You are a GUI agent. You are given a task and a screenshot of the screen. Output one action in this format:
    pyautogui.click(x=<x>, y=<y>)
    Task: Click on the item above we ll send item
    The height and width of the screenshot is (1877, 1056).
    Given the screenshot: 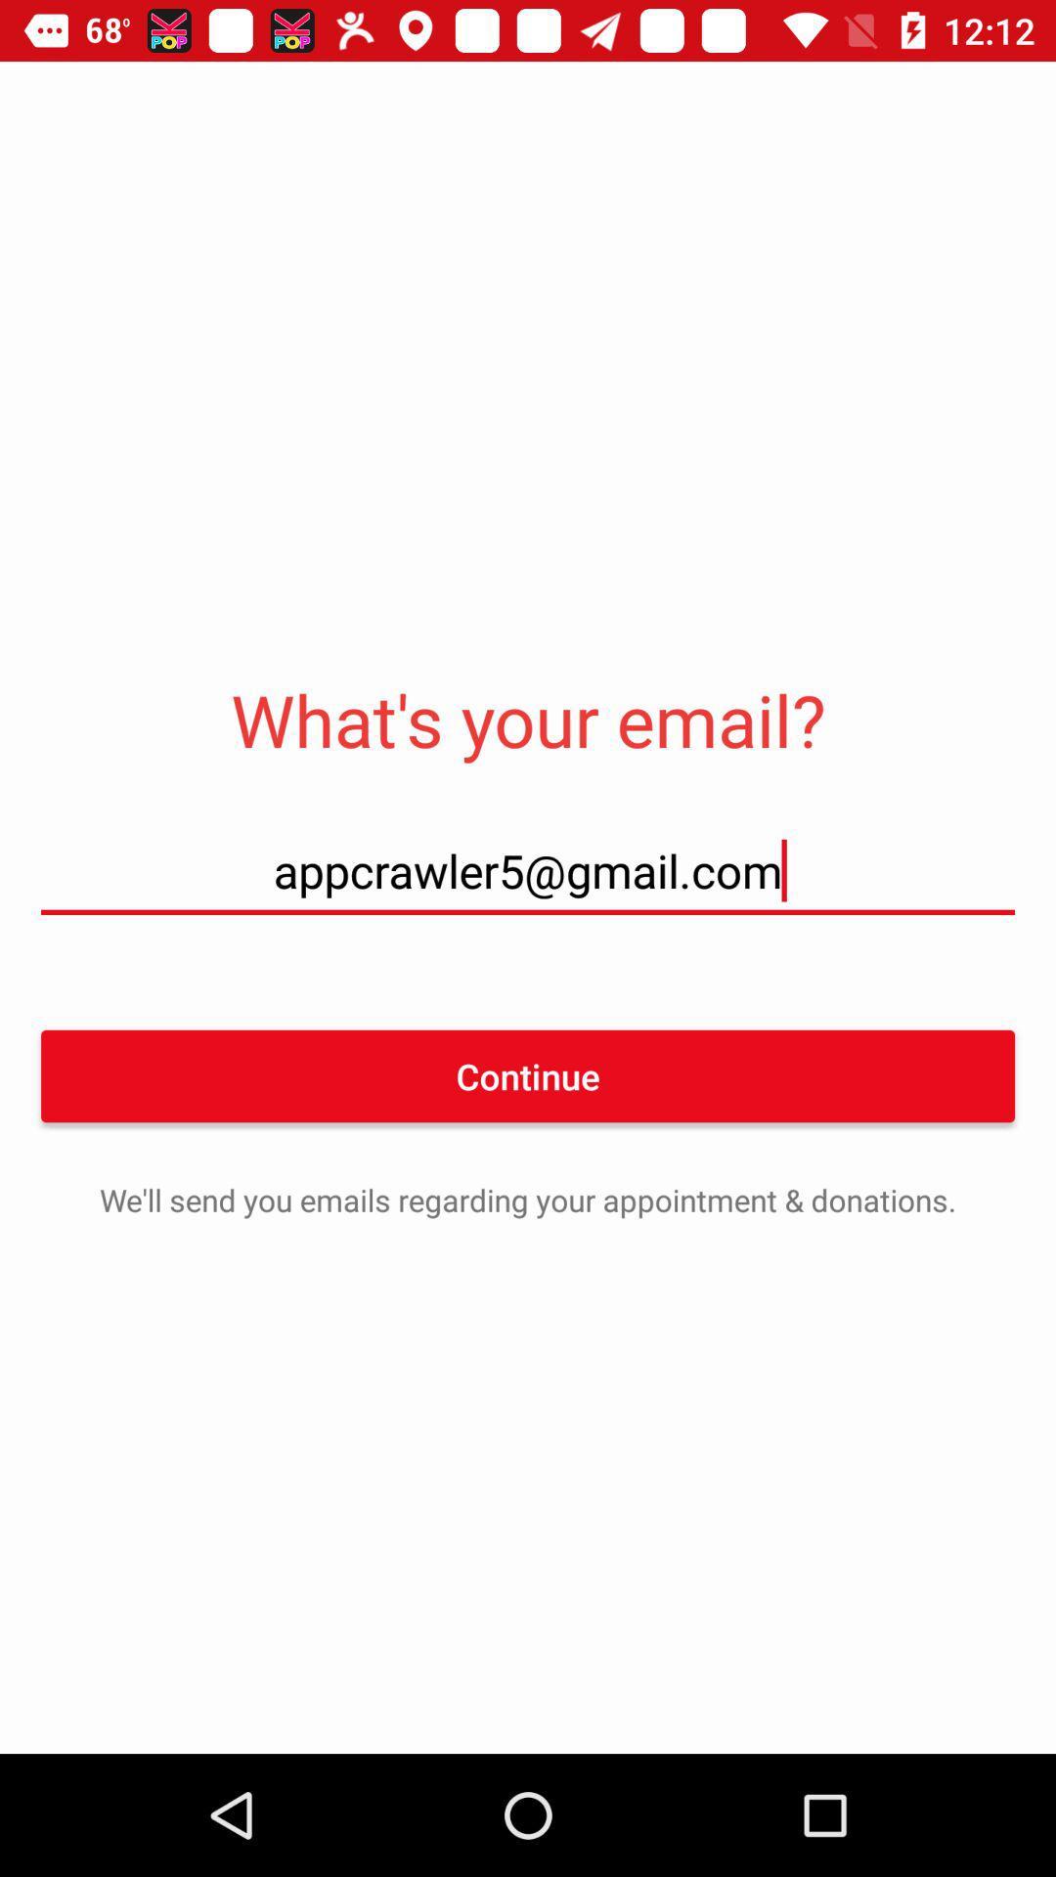 What is the action you would take?
    pyautogui.click(x=528, y=1074)
    